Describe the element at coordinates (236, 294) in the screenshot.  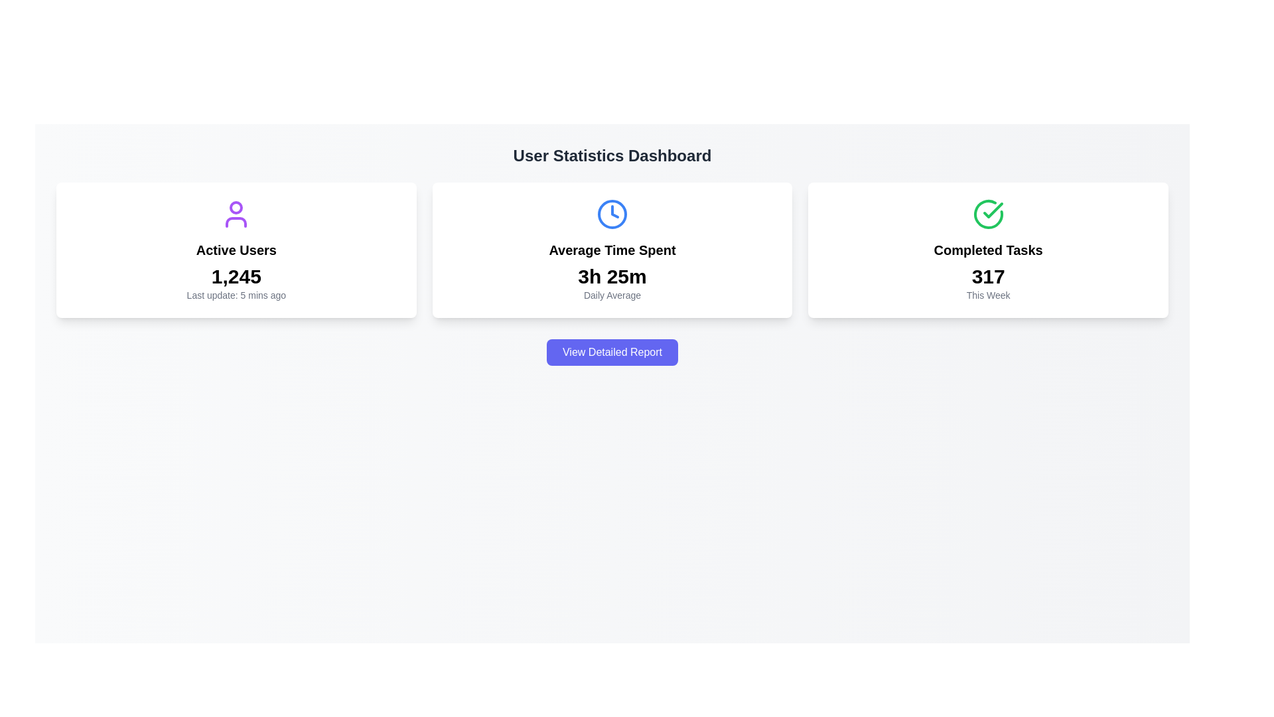
I see `the text label reading 'Last update: 5 mins ago', which is styled in small gray font and positioned below the number '1,245' in the left card` at that location.